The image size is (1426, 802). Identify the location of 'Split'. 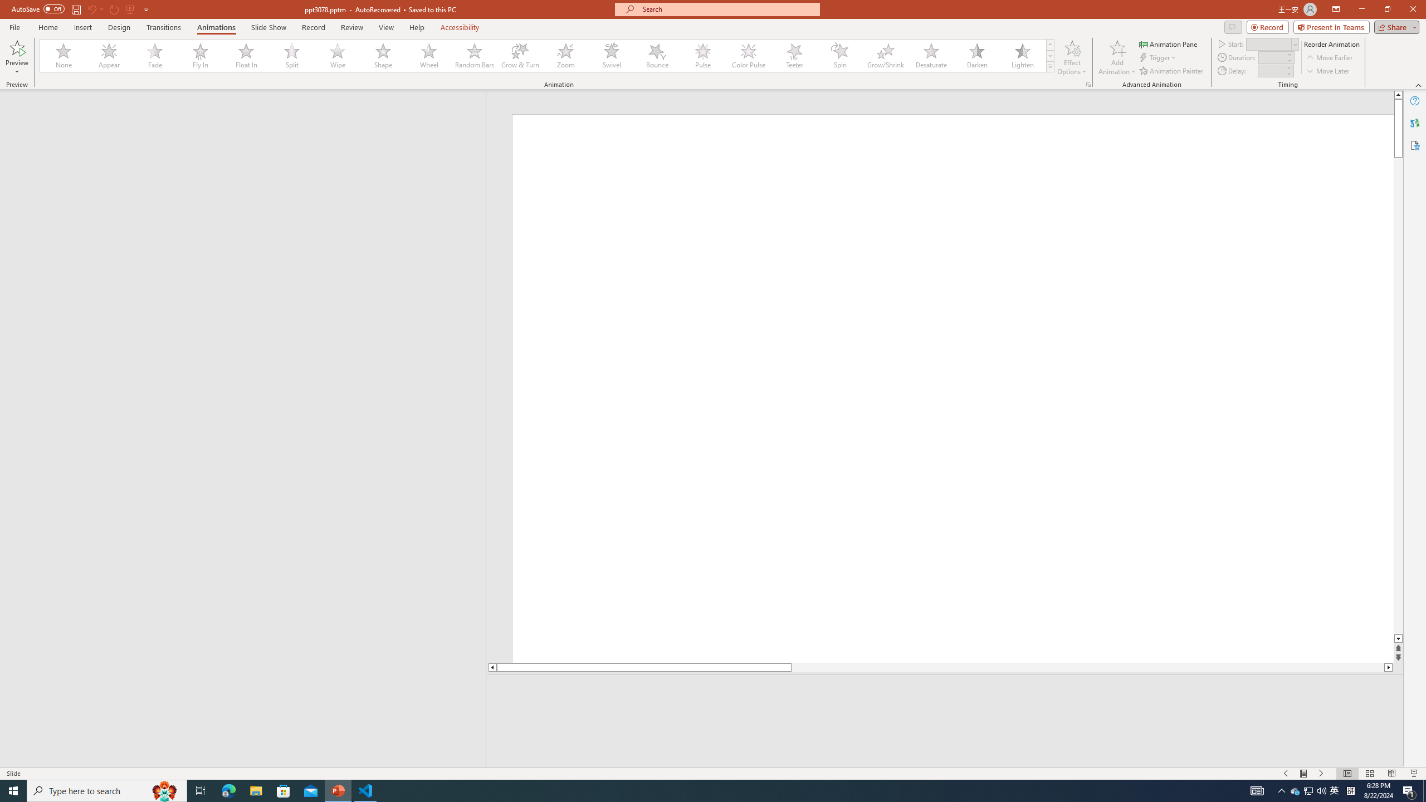
(291, 55).